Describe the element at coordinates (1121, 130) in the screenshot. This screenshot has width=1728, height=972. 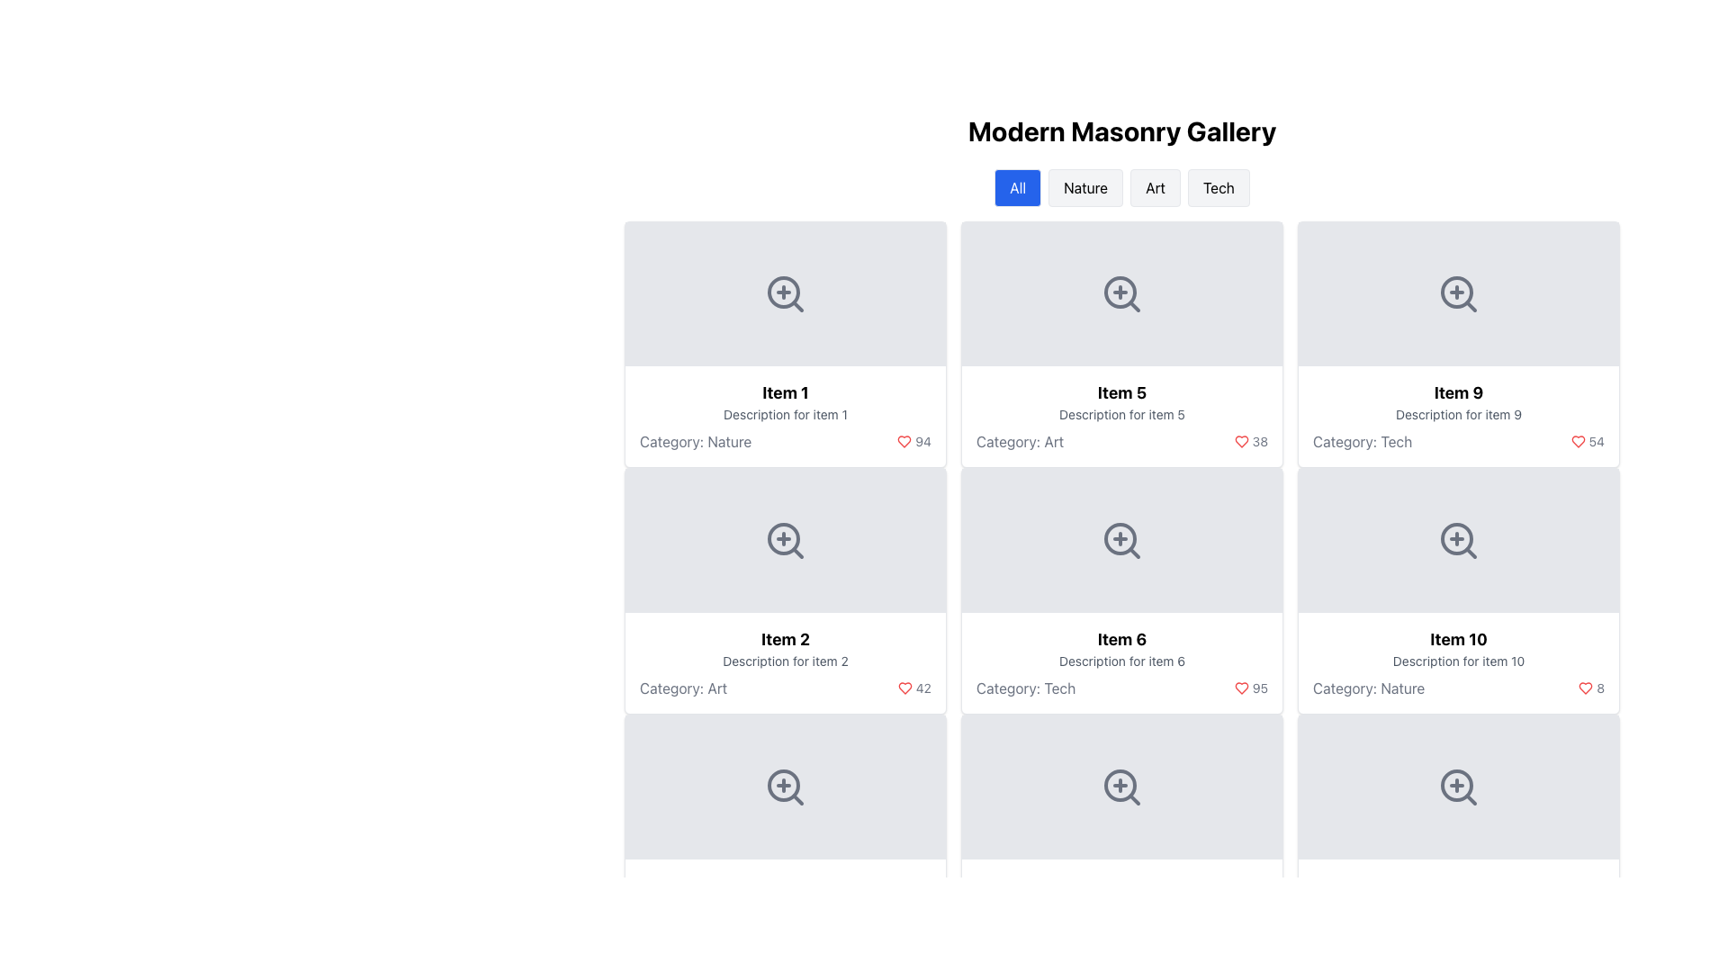
I see `text from the Text Label that serves as the main heading for the content below, located at the top center of its section` at that location.